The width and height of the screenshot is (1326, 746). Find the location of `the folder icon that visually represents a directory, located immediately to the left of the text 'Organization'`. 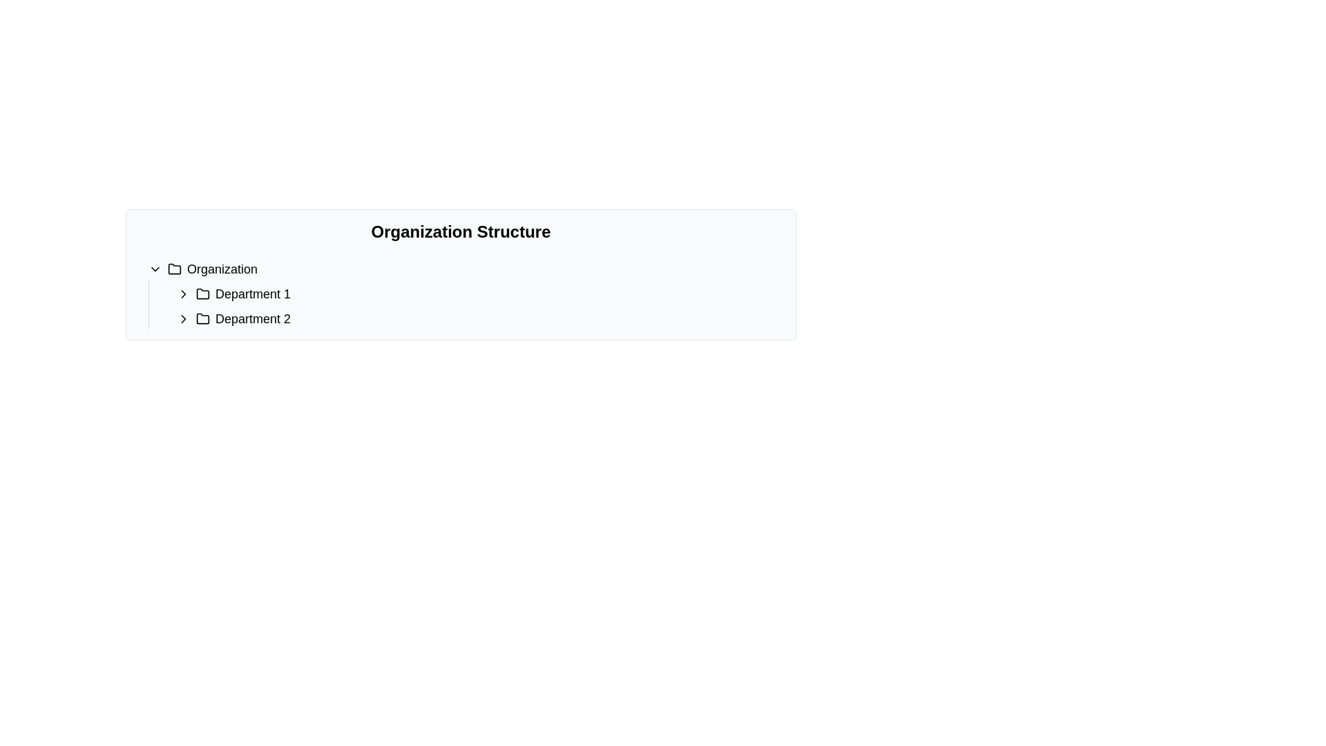

the folder icon that visually represents a directory, located immediately to the left of the text 'Organization' is located at coordinates (174, 269).